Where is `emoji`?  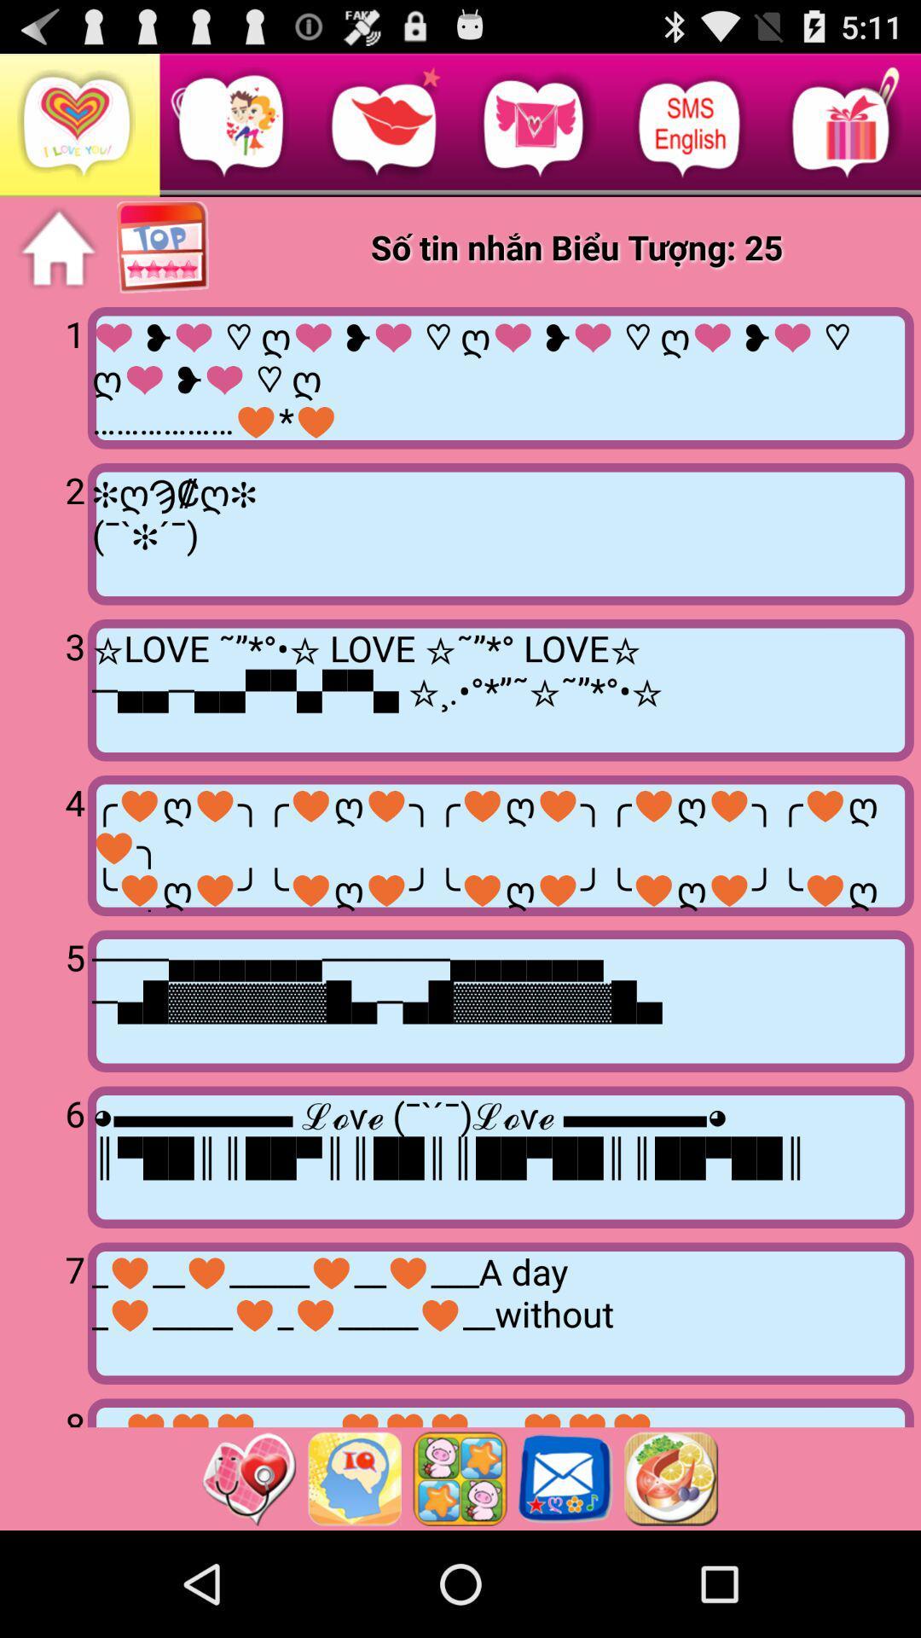 emoji is located at coordinates (459, 1478).